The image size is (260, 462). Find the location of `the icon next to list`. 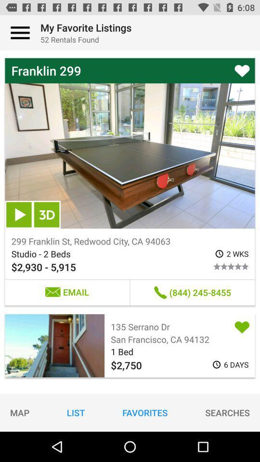

the icon next to list is located at coordinates (144, 412).